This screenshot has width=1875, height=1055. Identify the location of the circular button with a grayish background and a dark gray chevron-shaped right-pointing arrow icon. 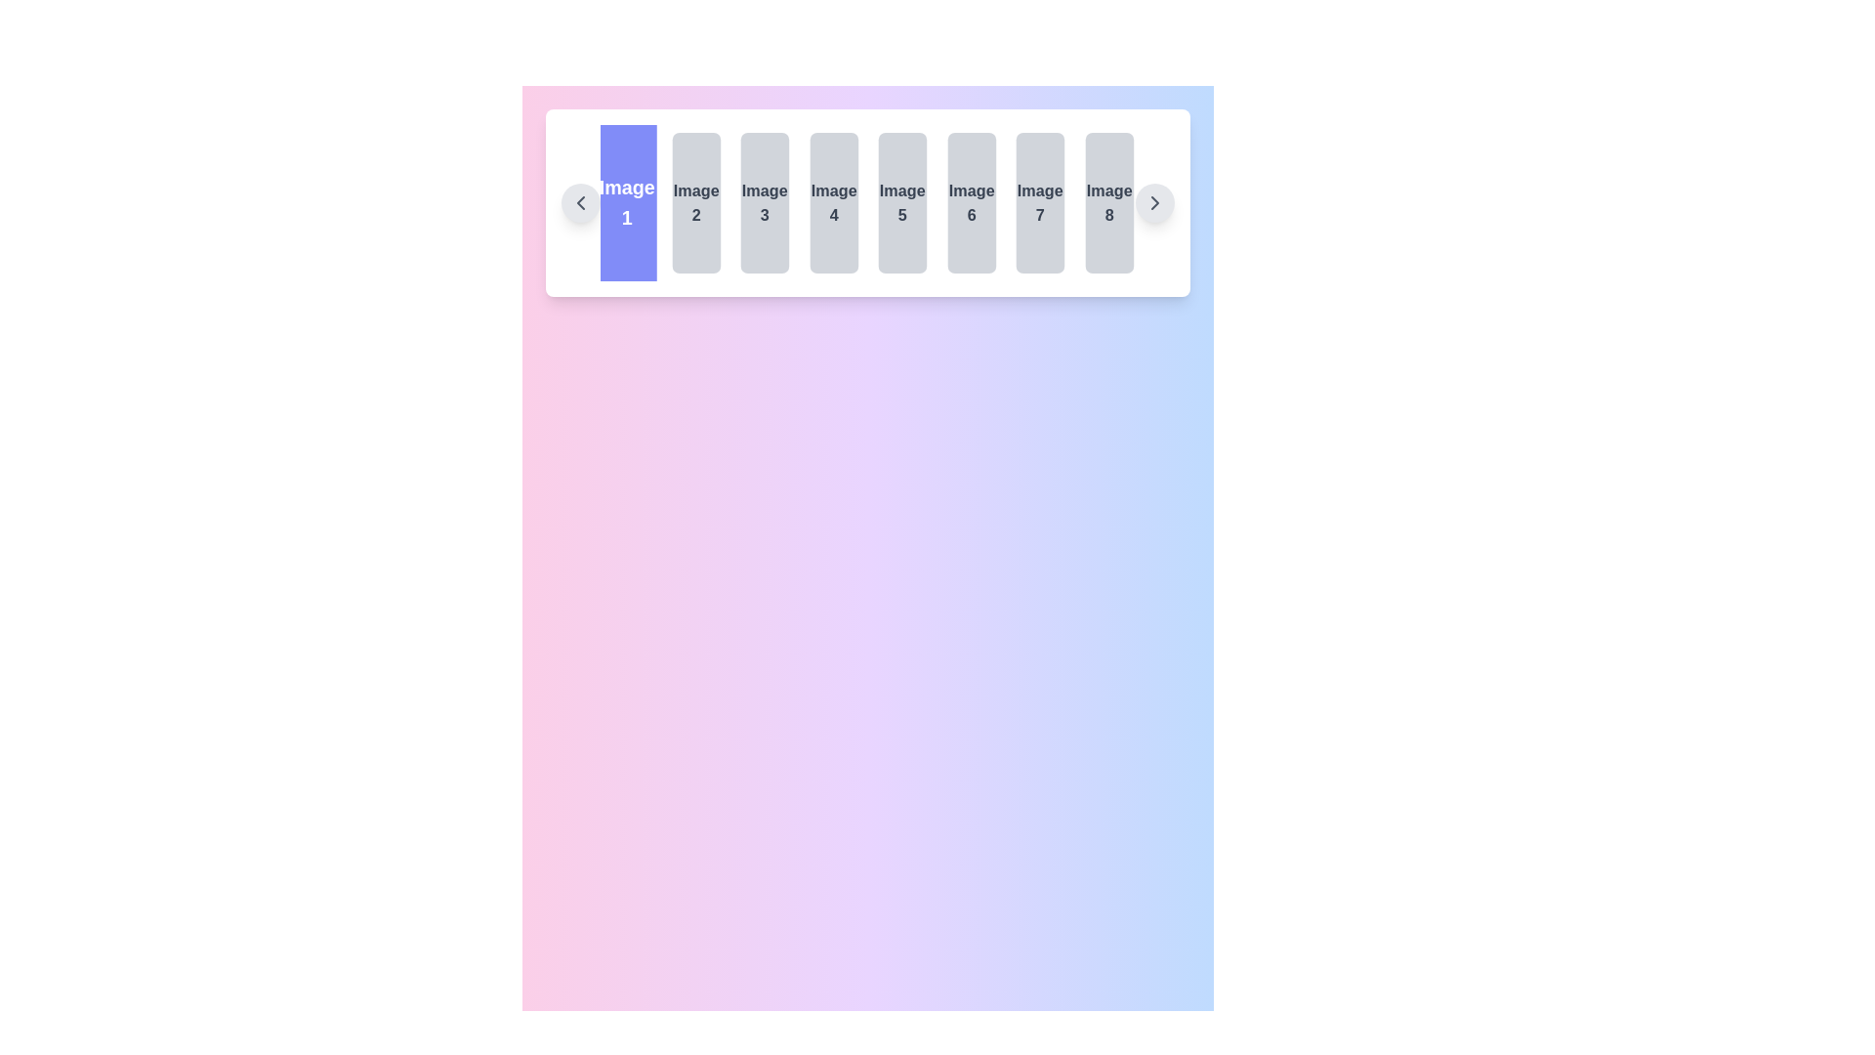
(1154, 203).